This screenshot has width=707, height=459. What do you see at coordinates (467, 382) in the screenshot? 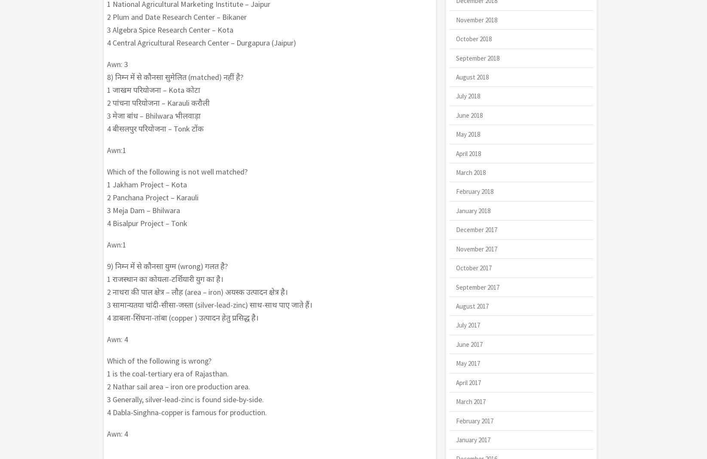
I see `'April 2017'` at bounding box center [467, 382].